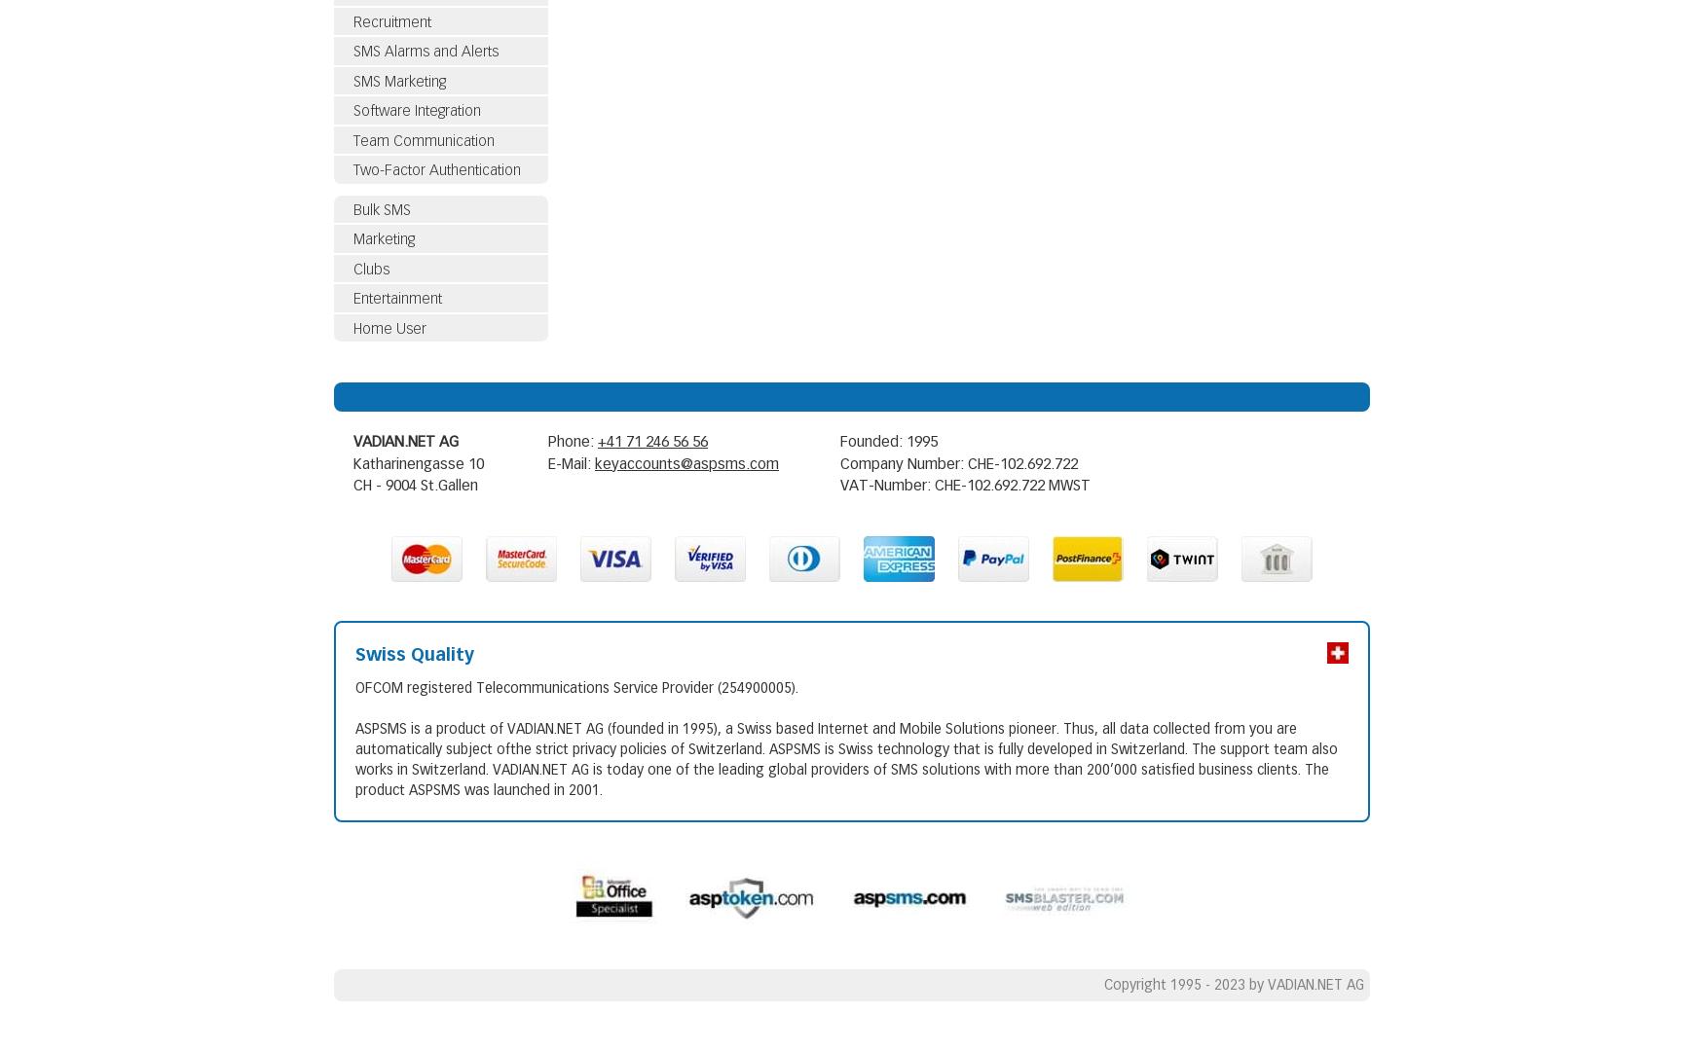 The height and width of the screenshot is (1050, 1704). I want to click on 'Copyright 1995 - 2023', so click(1176, 984).